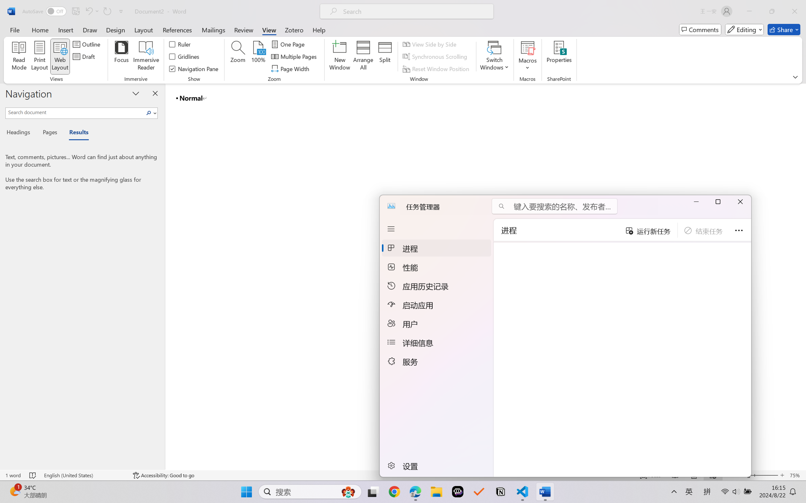  I want to click on 'Gridlines', so click(184, 57).